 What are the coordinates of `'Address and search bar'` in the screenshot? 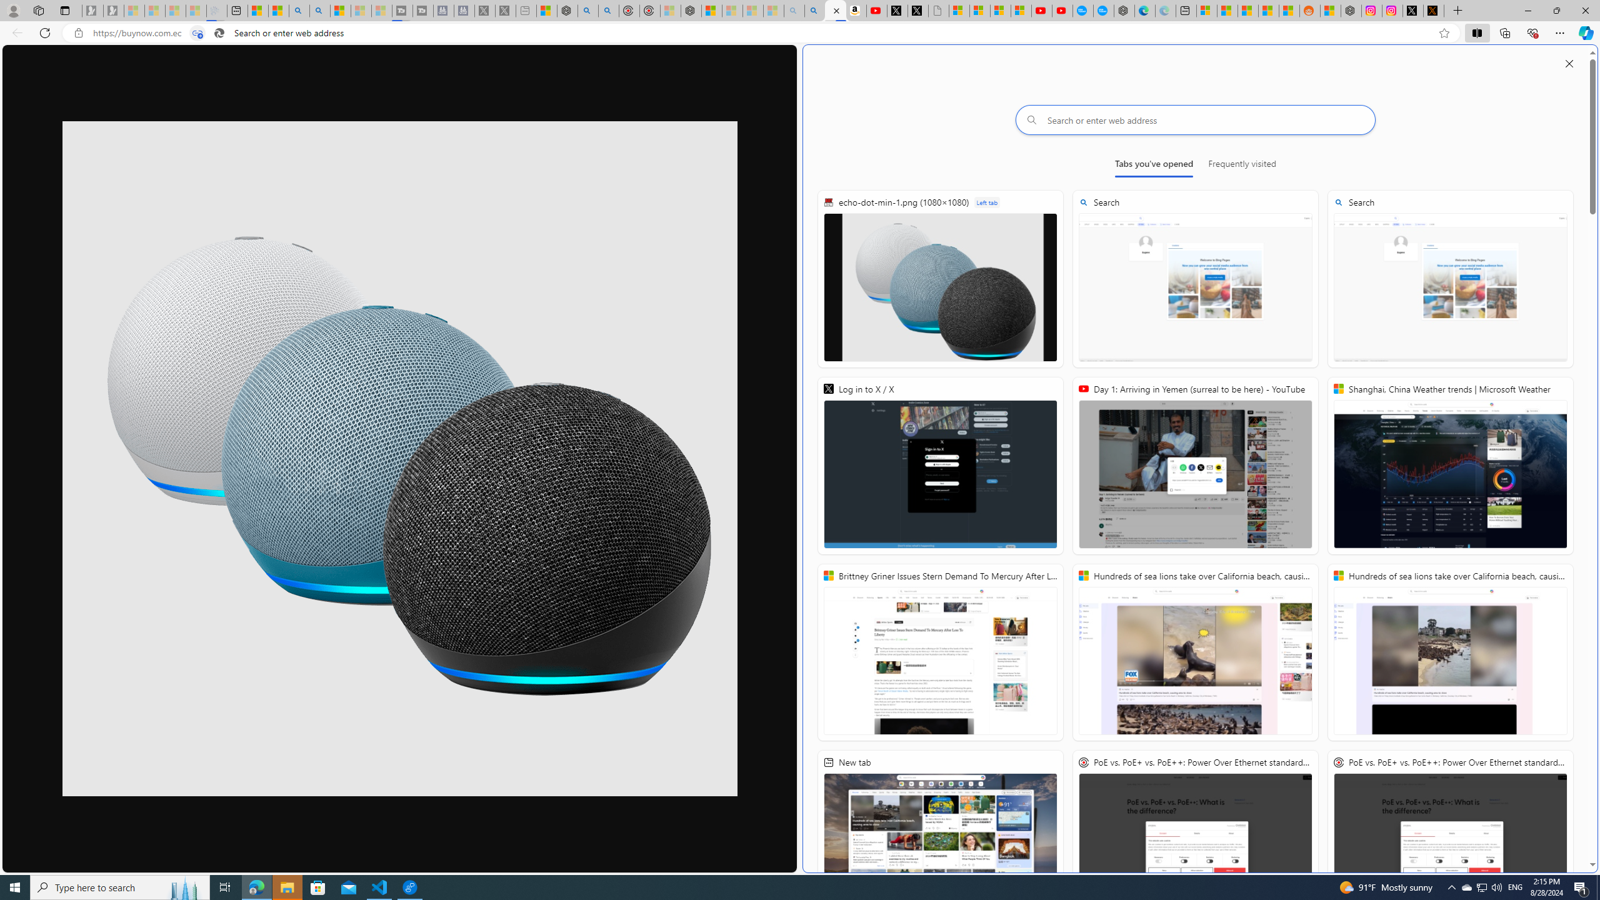 It's located at (761, 33).